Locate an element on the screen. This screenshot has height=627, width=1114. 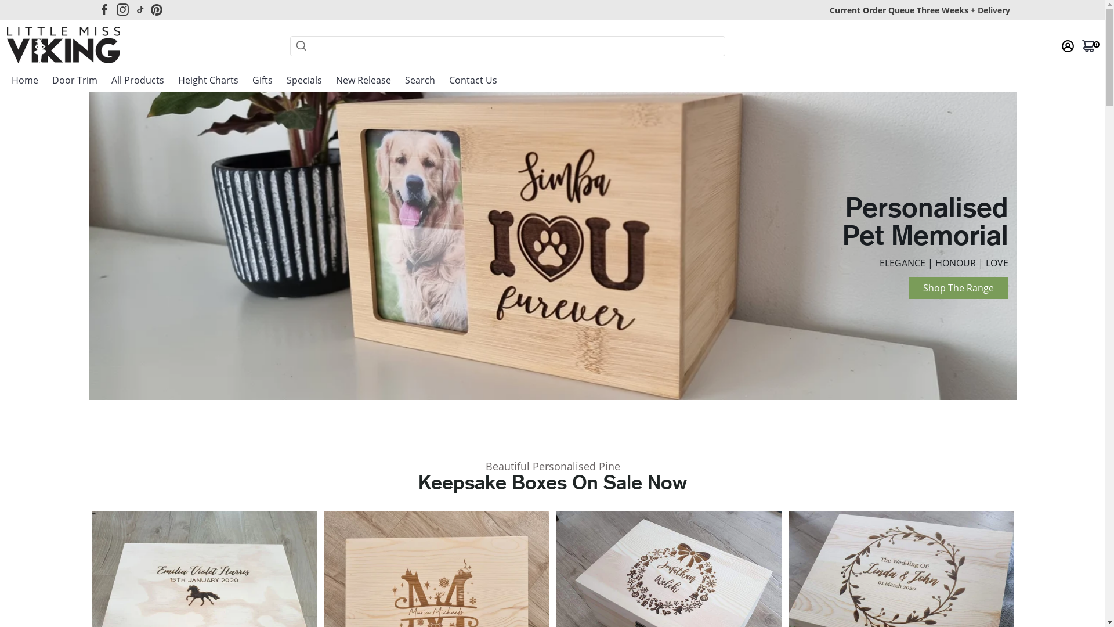
'Gifts' is located at coordinates (262, 80).